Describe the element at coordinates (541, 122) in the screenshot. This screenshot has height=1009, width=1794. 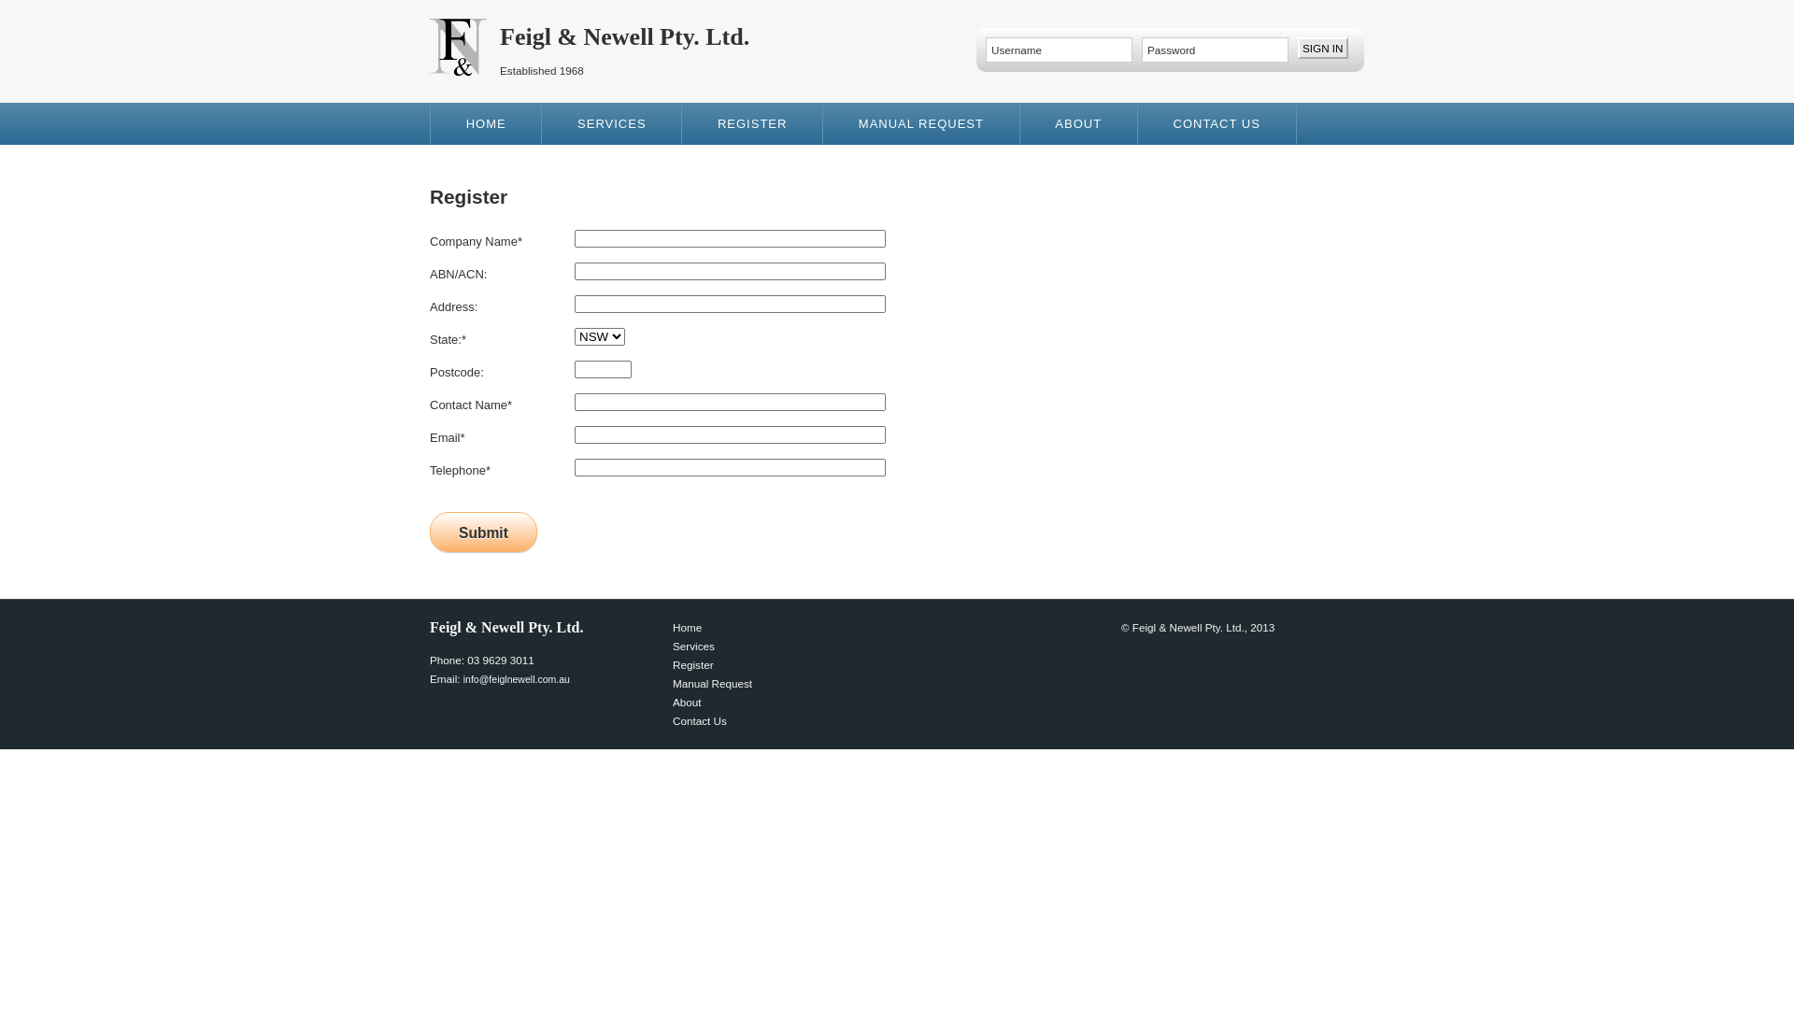
I see `'SERVICES'` at that location.